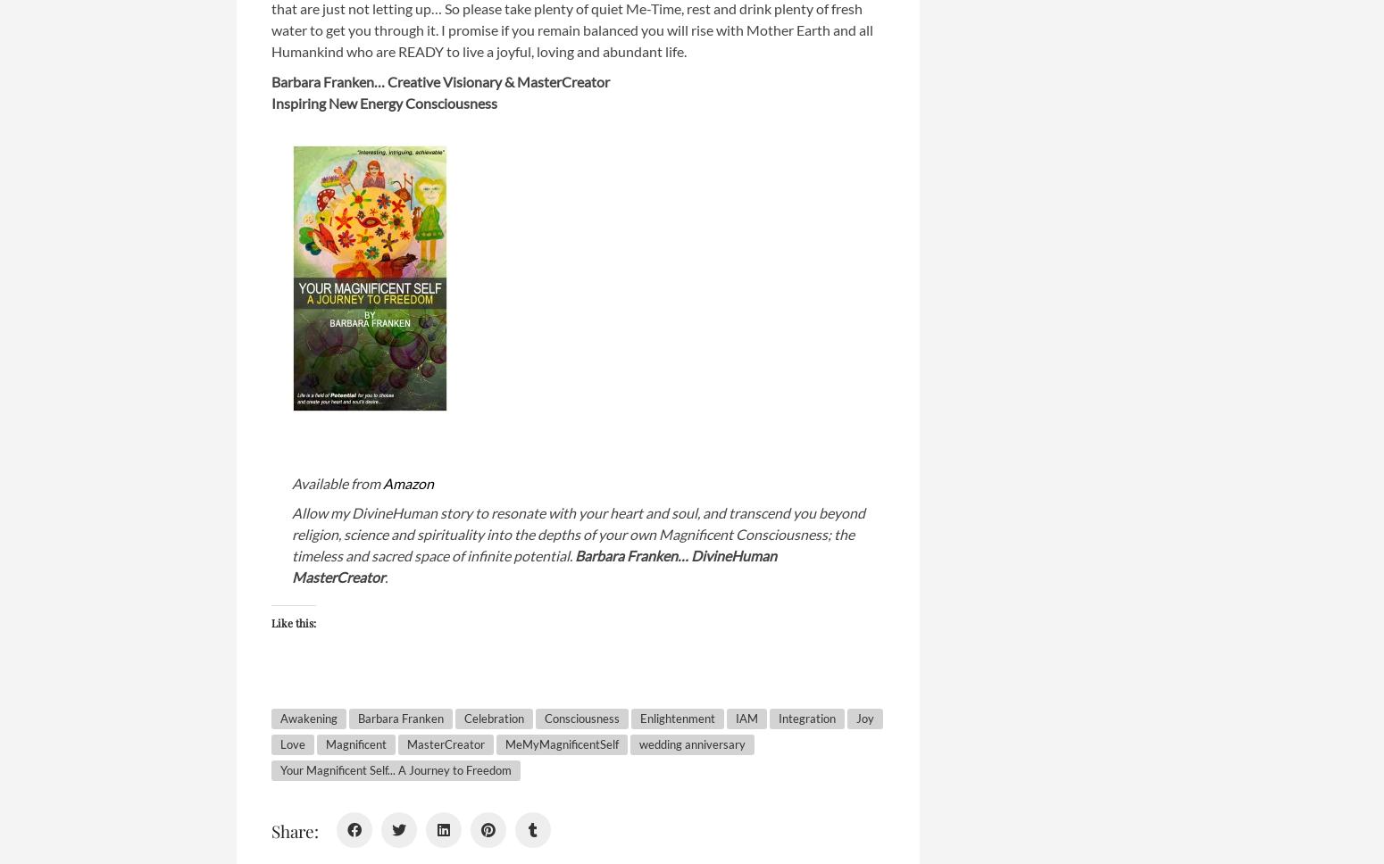 The image size is (1384, 864). I want to click on 'Consciousness', so click(580, 717).